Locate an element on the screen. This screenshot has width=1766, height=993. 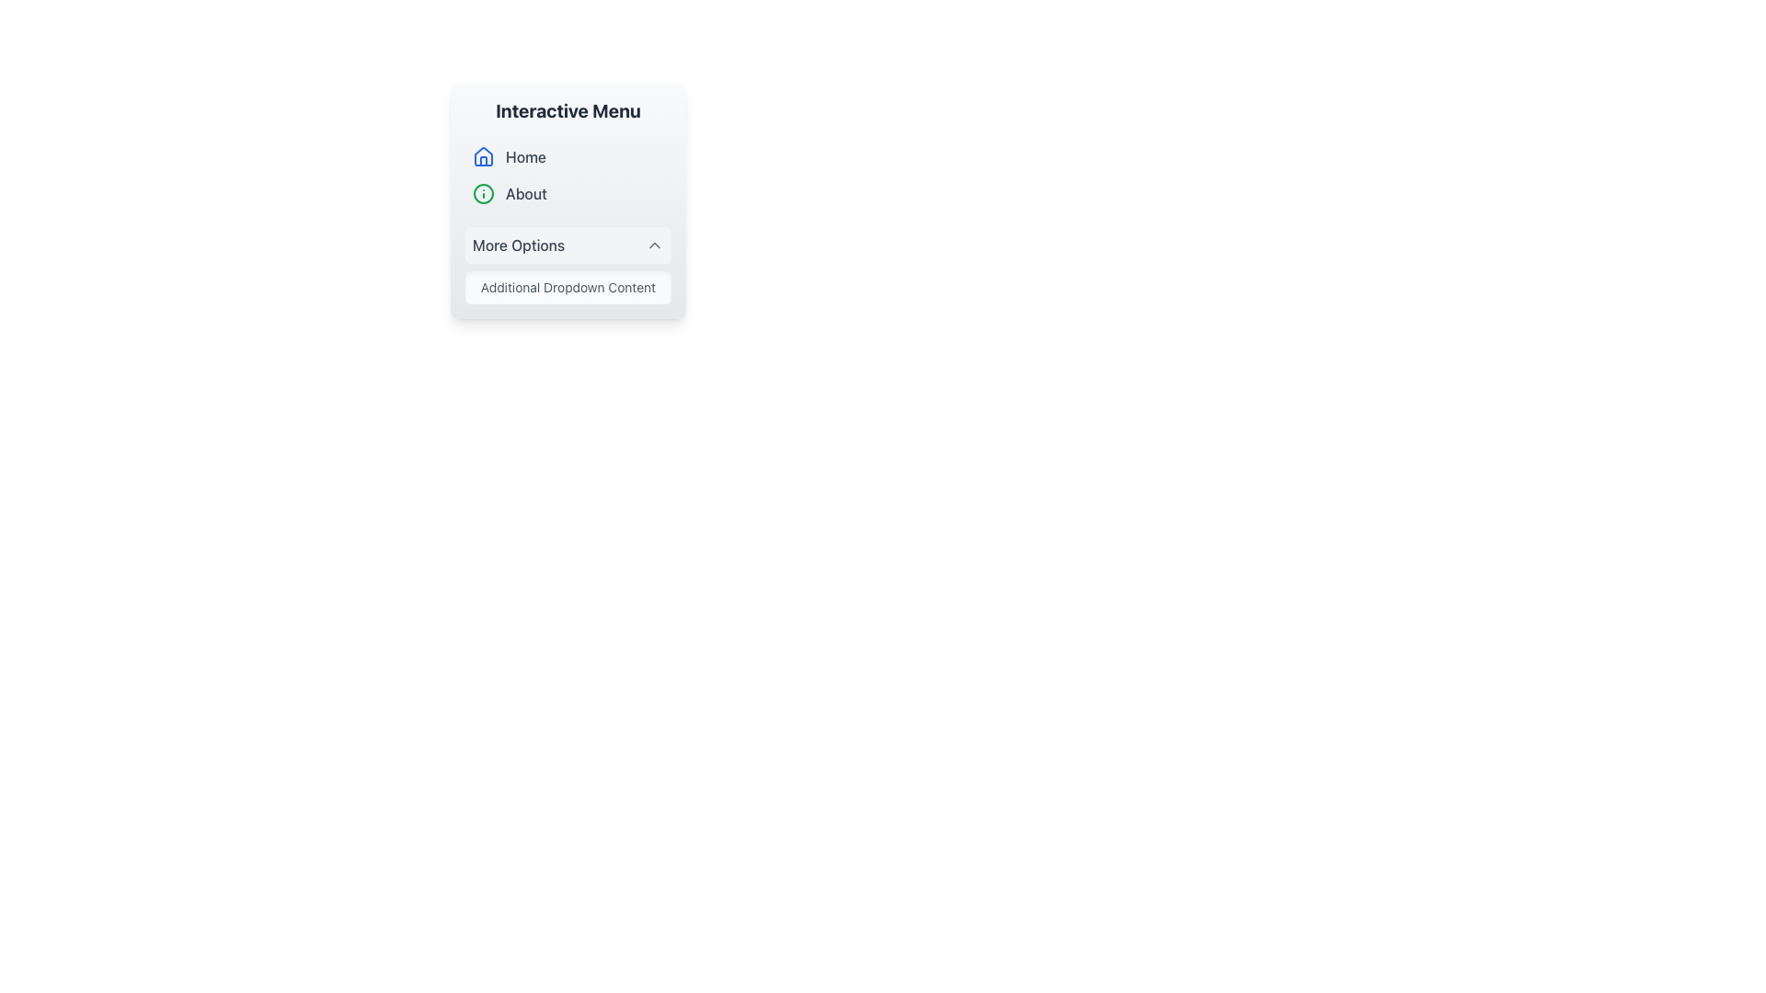
the small upward-pointing chevron icon with a gray outline located to the far right of the 'More Options' button to trigger a tooltip or visual change is located at coordinates (654, 244).